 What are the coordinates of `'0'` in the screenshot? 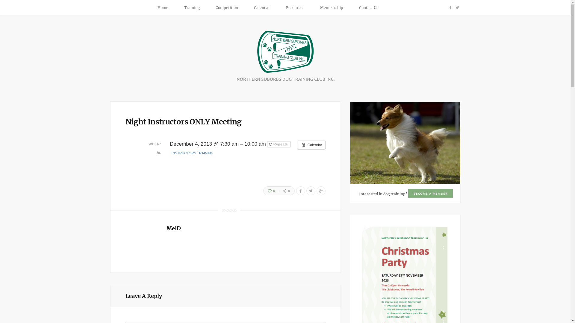 It's located at (263, 191).